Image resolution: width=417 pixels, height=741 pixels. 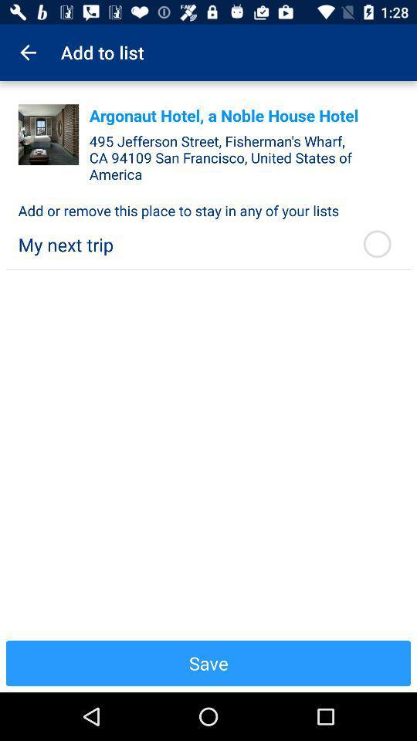 I want to click on the app next to the add to list item, so click(x=28, y=52).